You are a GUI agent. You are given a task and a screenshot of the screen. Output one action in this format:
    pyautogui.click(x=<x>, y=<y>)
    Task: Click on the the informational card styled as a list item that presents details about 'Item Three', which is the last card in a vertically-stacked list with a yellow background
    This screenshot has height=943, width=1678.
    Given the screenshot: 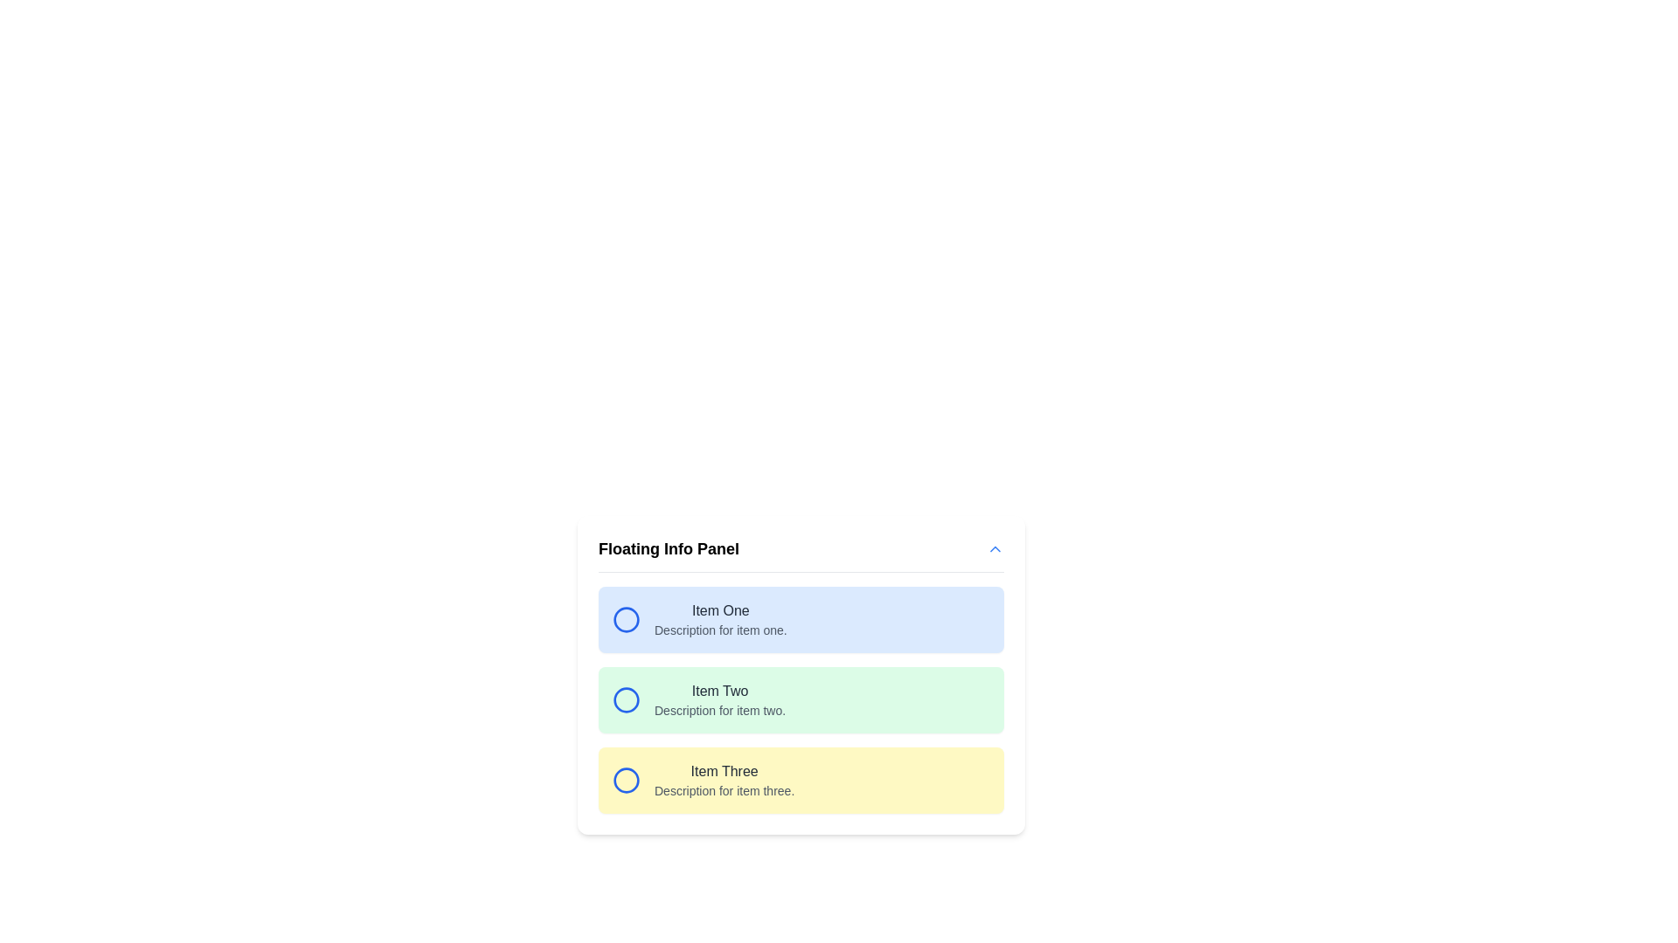 What is the action you would take?
    pyautogui.click(x=800, y=780)
    